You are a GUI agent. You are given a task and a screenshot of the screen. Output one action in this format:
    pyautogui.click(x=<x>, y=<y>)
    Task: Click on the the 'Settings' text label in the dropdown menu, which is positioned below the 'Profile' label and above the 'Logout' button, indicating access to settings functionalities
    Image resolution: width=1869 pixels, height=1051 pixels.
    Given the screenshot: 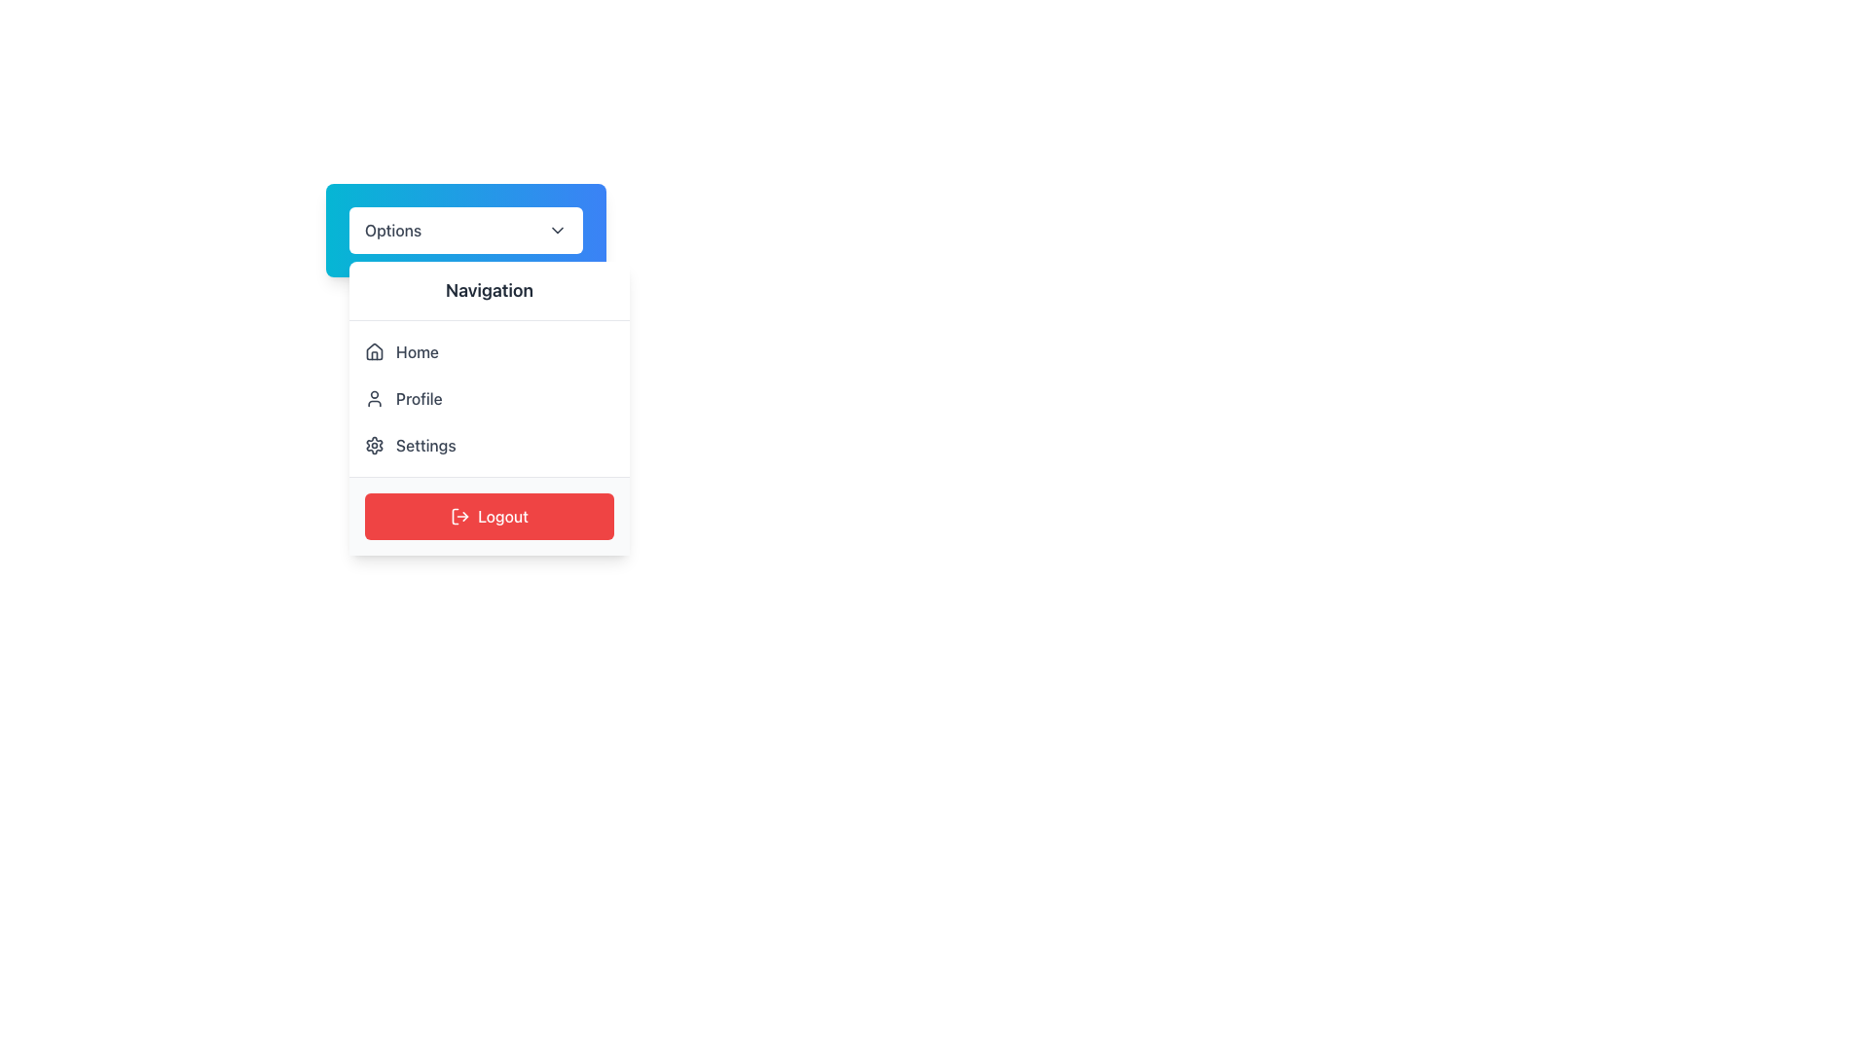 What is the action you would take?
    pyautogui.click(x=424, y=446)
    